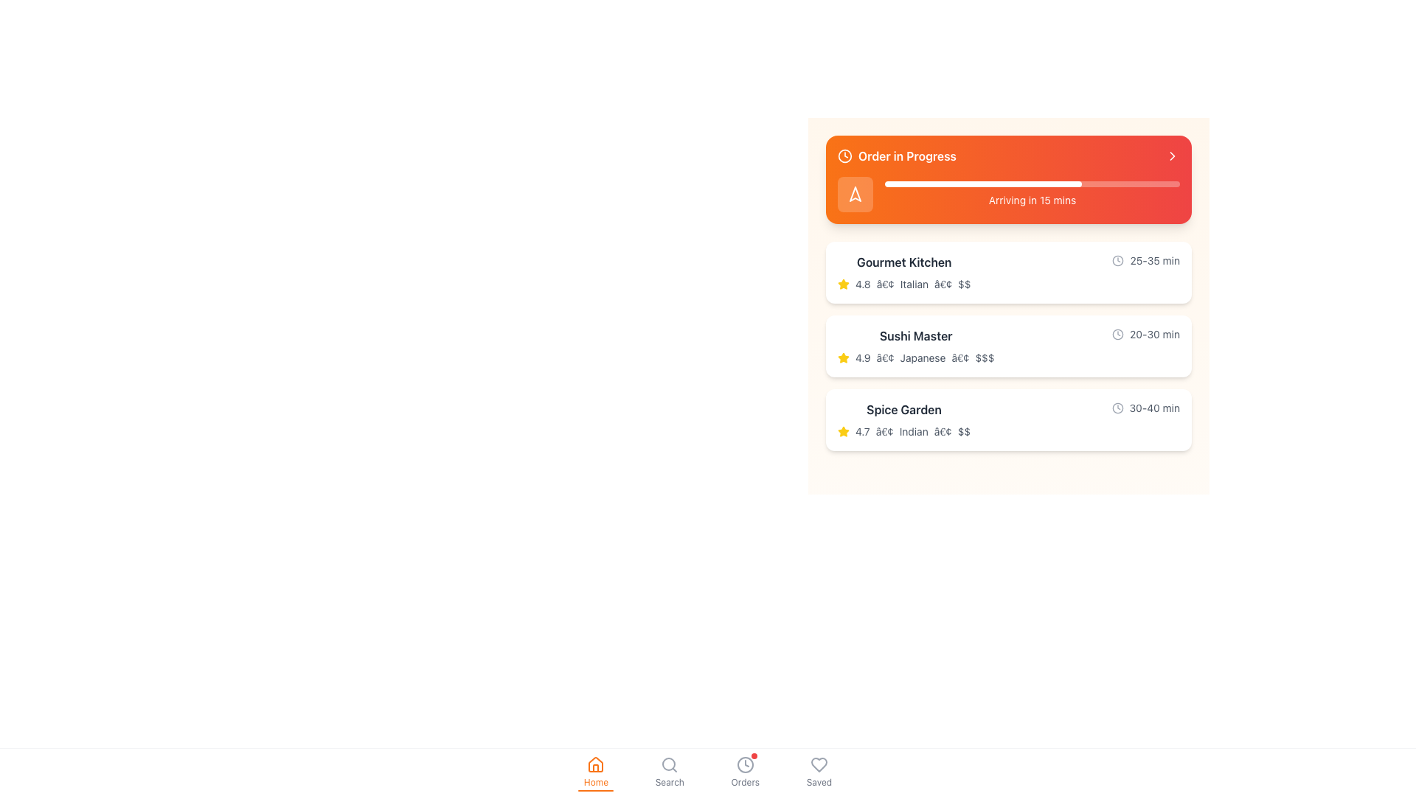 The width and height of the screenshot is (1416, 796). Describe the element at coordinates (1171, 156) in the screenshot. I see `the forward navigation icon, which is part of an SVG graphic indicating the next action, located at the upper-right corner of the red status bar labeled 'Order in Progress.'` at that location.